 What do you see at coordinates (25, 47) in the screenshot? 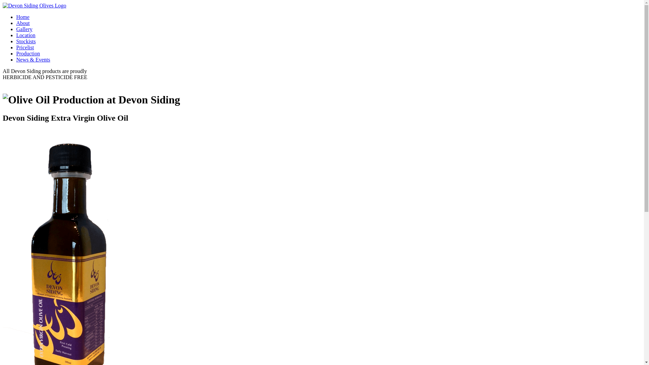
I see `'Pricelist'` at bounding box center [25, 47].